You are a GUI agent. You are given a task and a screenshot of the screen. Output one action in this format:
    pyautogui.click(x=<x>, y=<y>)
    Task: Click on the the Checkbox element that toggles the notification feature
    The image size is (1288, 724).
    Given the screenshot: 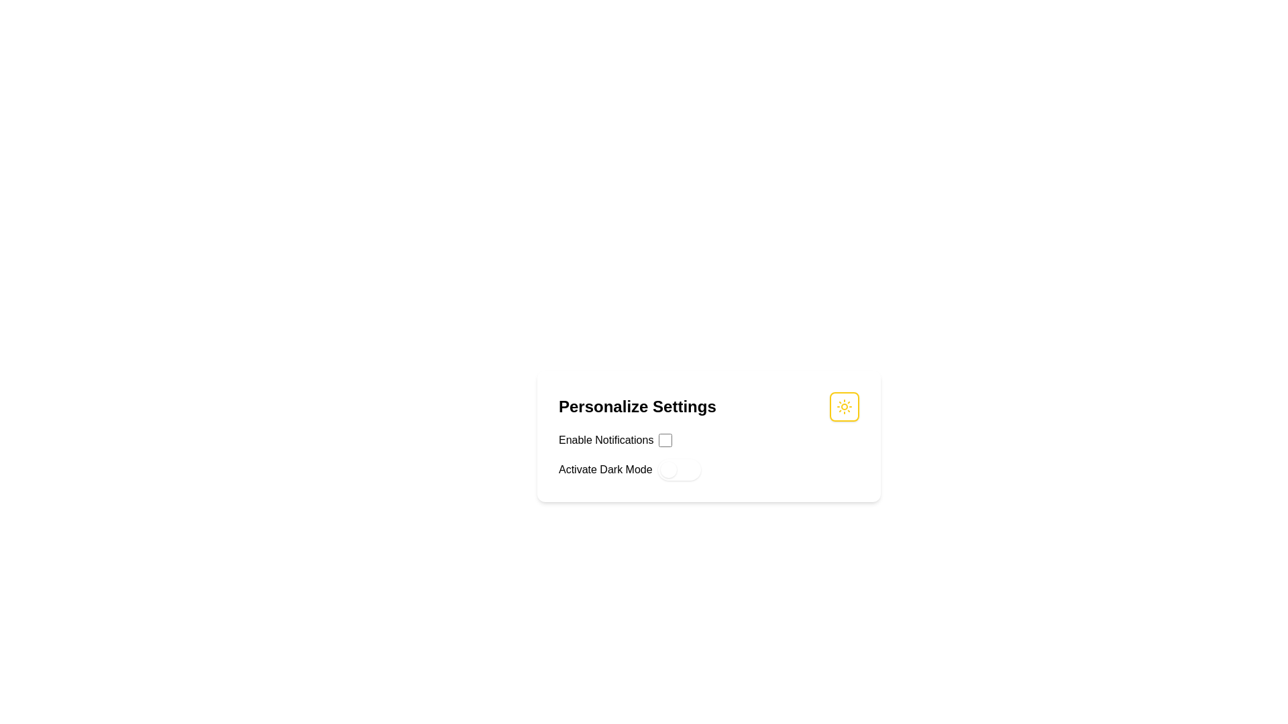 What is the action you would take?
    pyautogui.click(x=708, y=440)
    